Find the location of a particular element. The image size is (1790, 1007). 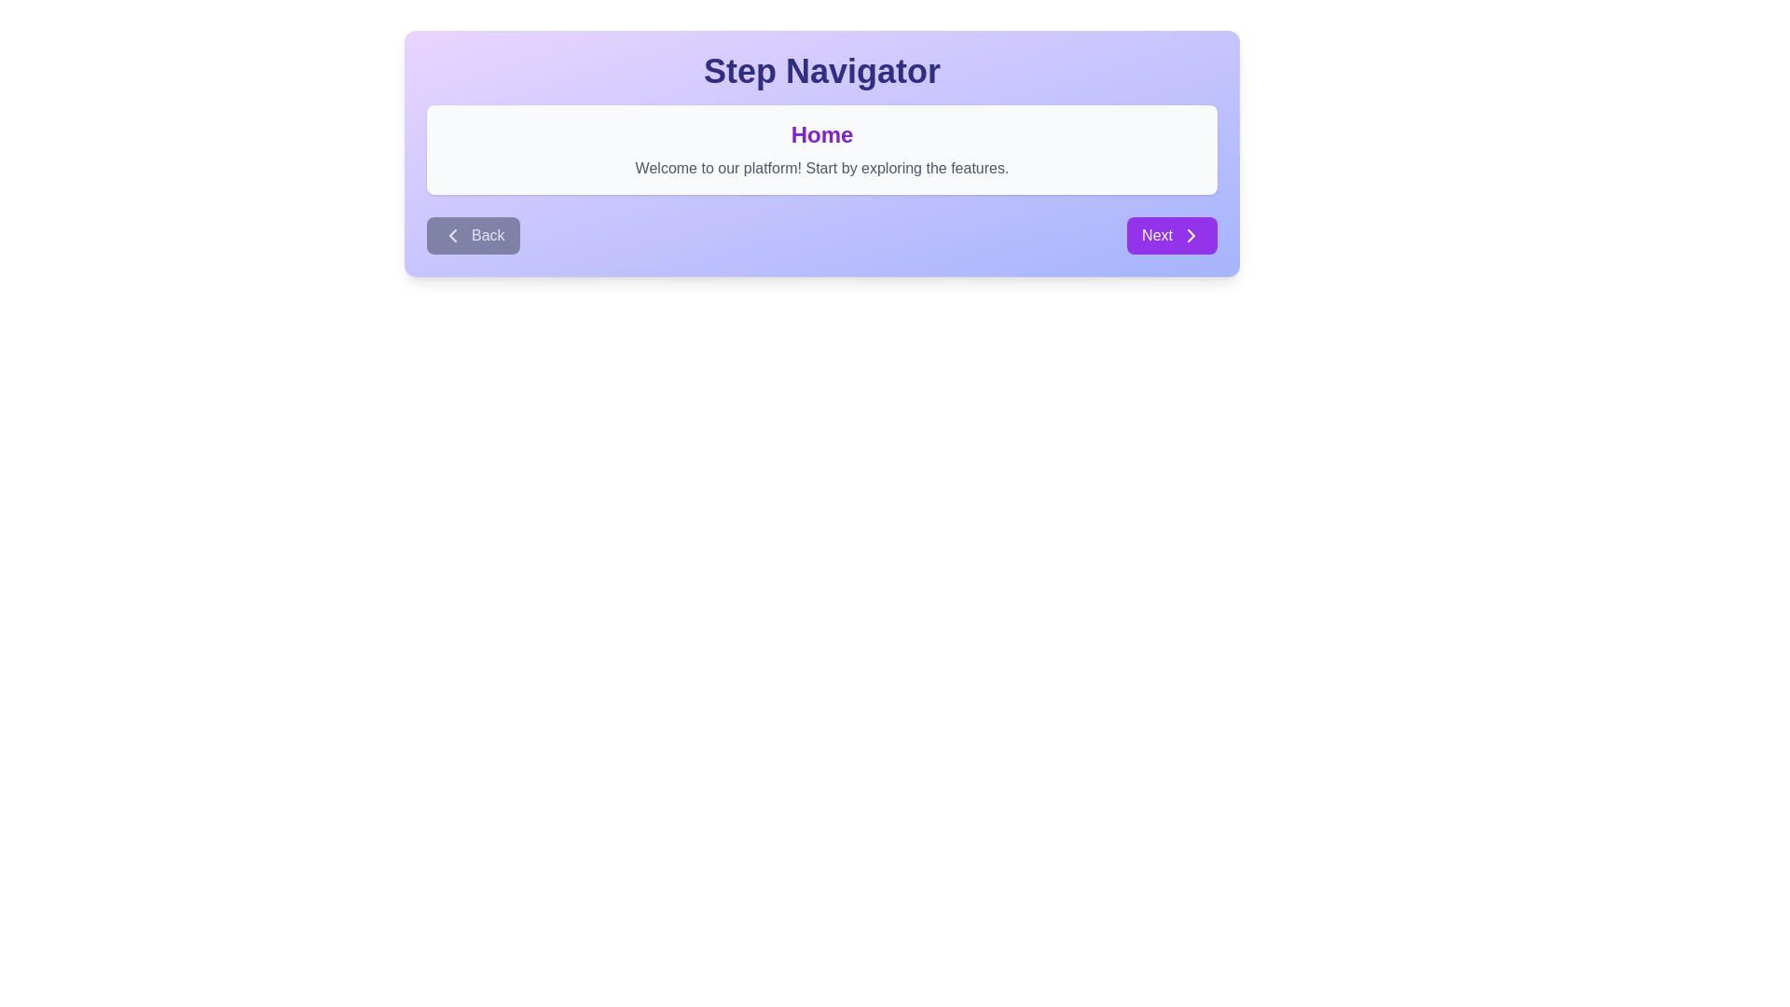

the 'Back' button which contains the leftward-pointing chevron icon is located at coordinates (452, 235).